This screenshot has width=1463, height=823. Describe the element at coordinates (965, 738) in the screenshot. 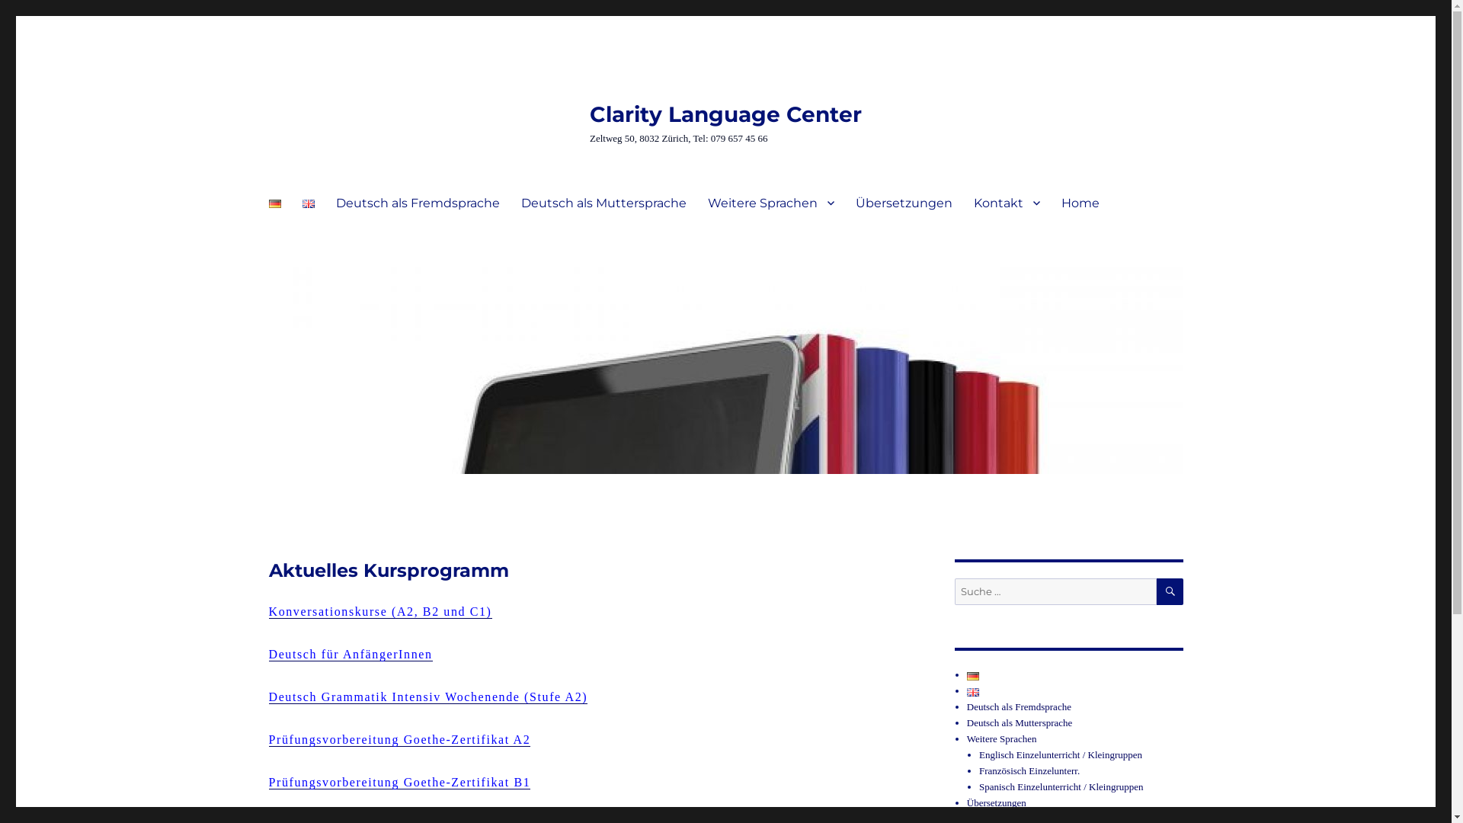

I see `'Weitere Sprachen'` at that location.